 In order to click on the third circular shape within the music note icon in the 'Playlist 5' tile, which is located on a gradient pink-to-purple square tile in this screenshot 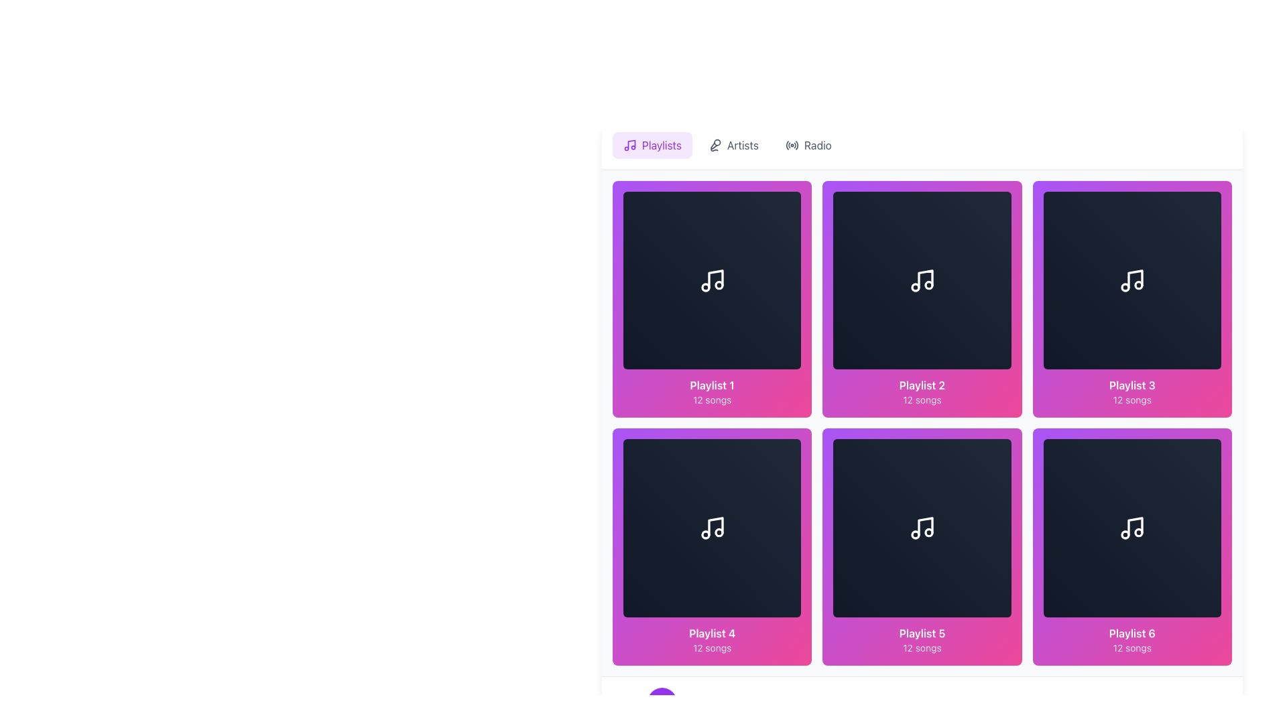, I will do `click(928, 532)`.